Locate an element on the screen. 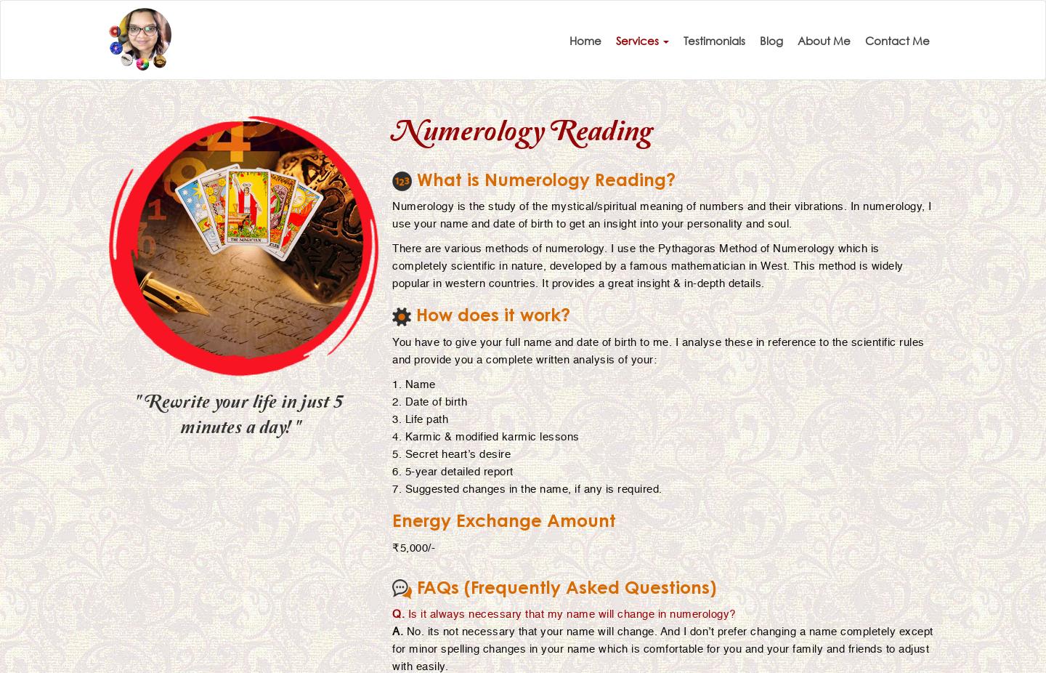 This screenshot has height=673, width=1046. 'Is it always necessary that my name will change in numerology?' is located at coordinates (569, 613).